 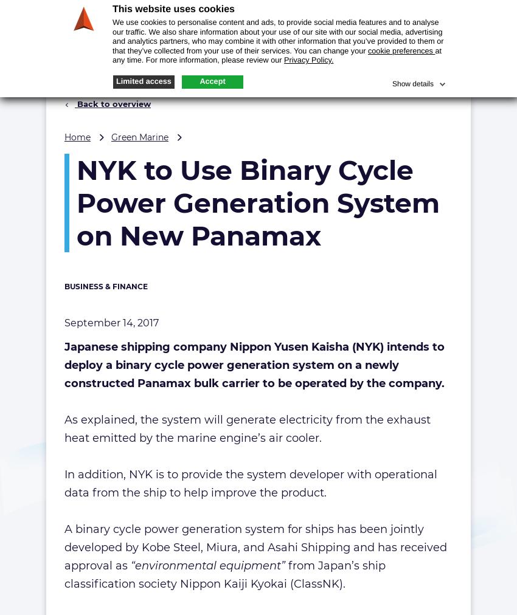 I want to click on 'A binary cycle power generation system for ships has been jointly developed by Kobe Steel, Miura, and Asahi Shipping and has received approval as', so click(x=255, y=547).